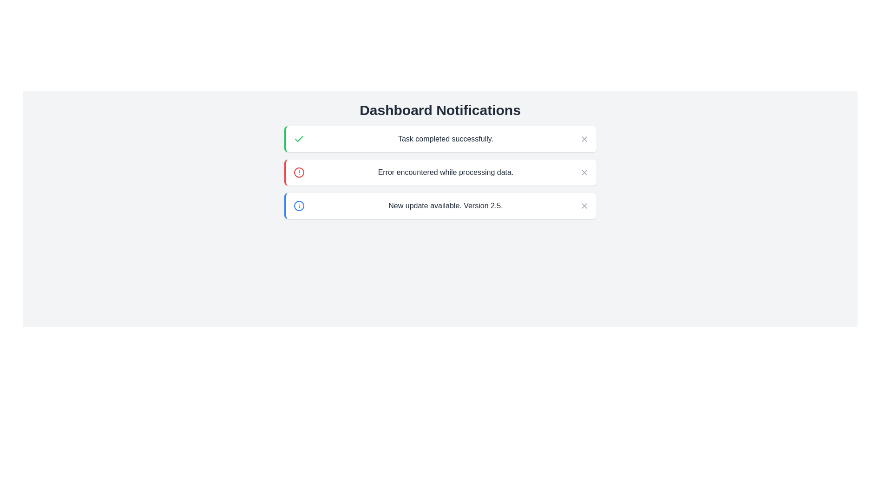 The image size is (892, 501). Describe the element at coordinates (299, 205) in the screenshot. I see `the circular blue outlined icon representing an information symbol, located to the left of the notification text 'New update available. Version 2.5.'` at that location.